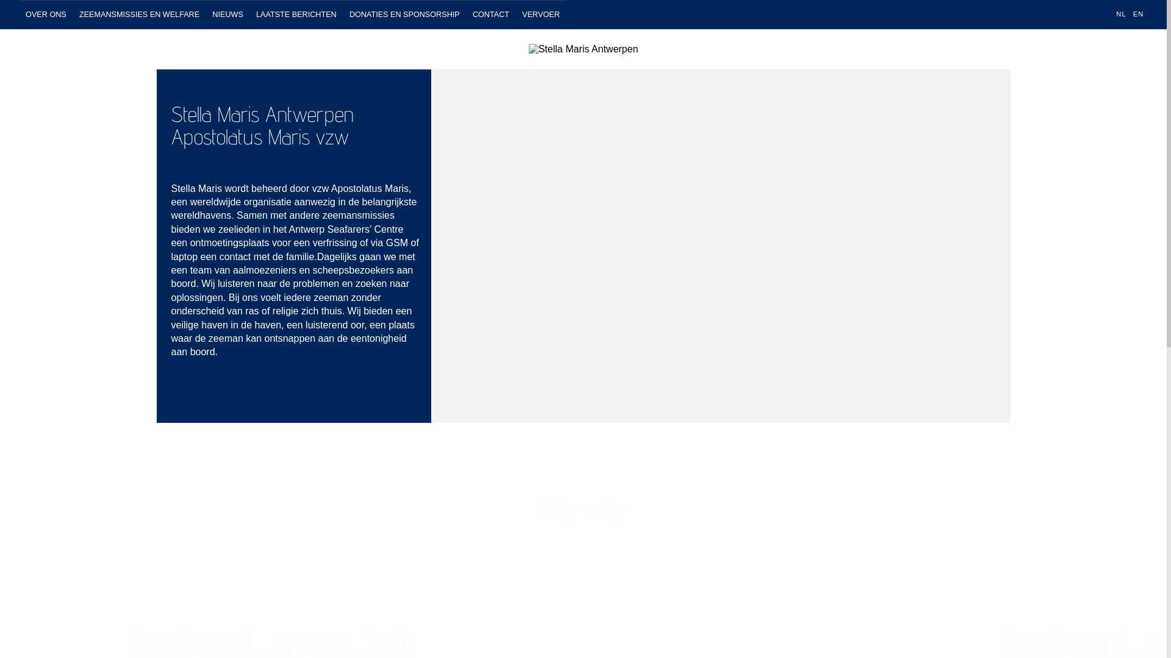  What do you see at coordinates (1121, 14) in the screenshot?
I see `'NL'` at bounding box center [1121, 14].